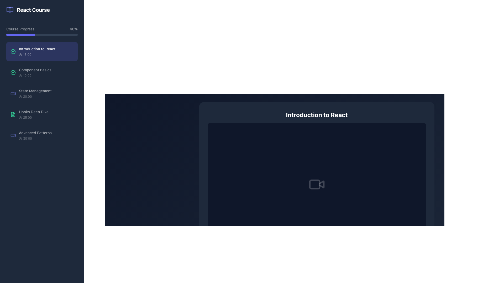 The image size is (504, 283). Describe the element at coordinates (316, 184) in the screenshot. I see `the minimalistic gray video camera icon, which is centrally located within the dark card titled 'Introduction to React'` at that location.